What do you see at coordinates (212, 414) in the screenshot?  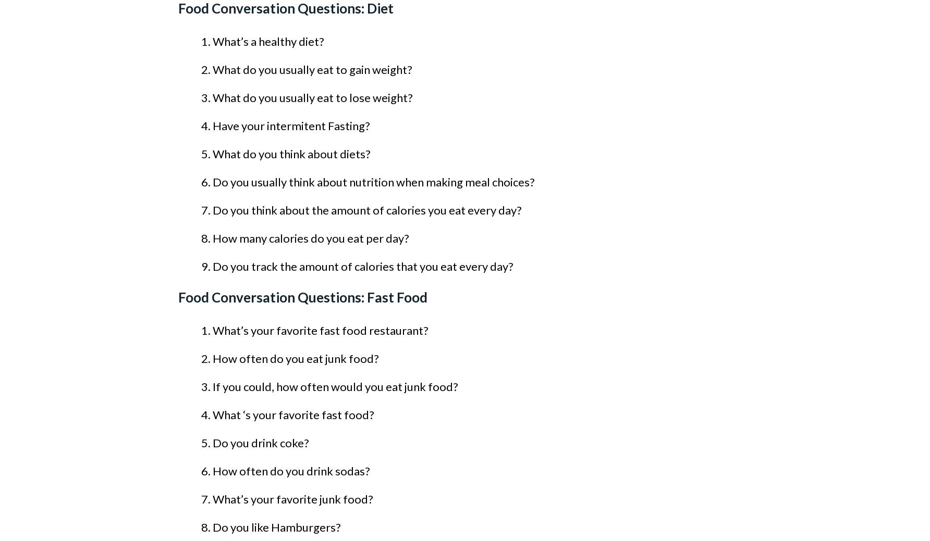 I see `'What ‘s your favorite fast food?'` at bounding box center [212, 414].